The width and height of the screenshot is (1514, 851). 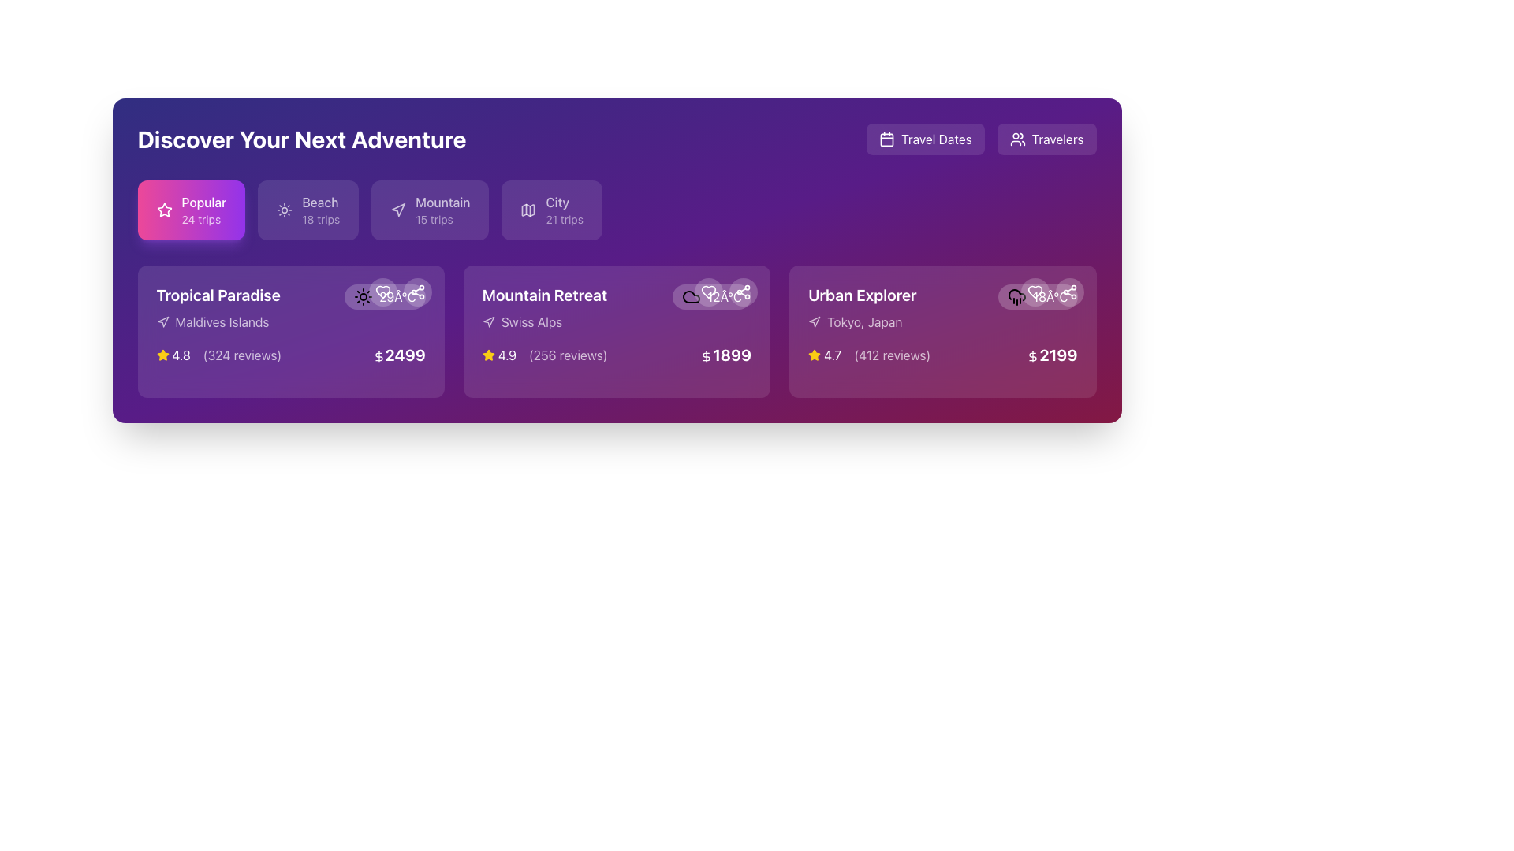 I want to click on text of the category label positioned as the third tab from the left in the upper-middle part of the UI, which relates to mountain-themed trips or destinations, so click(x=442, y=202).